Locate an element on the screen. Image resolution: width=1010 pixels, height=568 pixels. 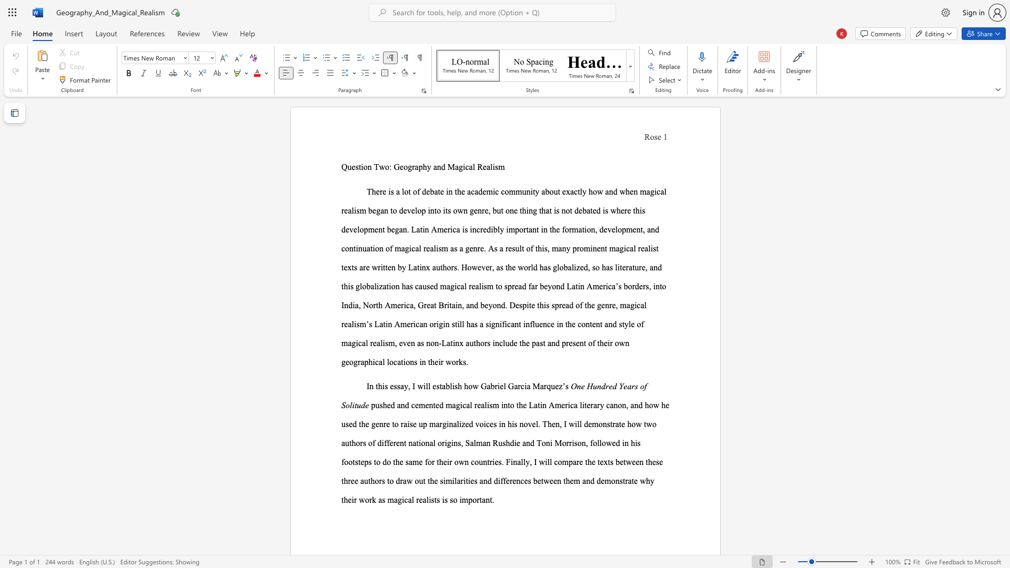
the subset text "ir work as magical realists is so impo" within the text "why their work as magical realists is so important." is located at coordinates (351, 499).